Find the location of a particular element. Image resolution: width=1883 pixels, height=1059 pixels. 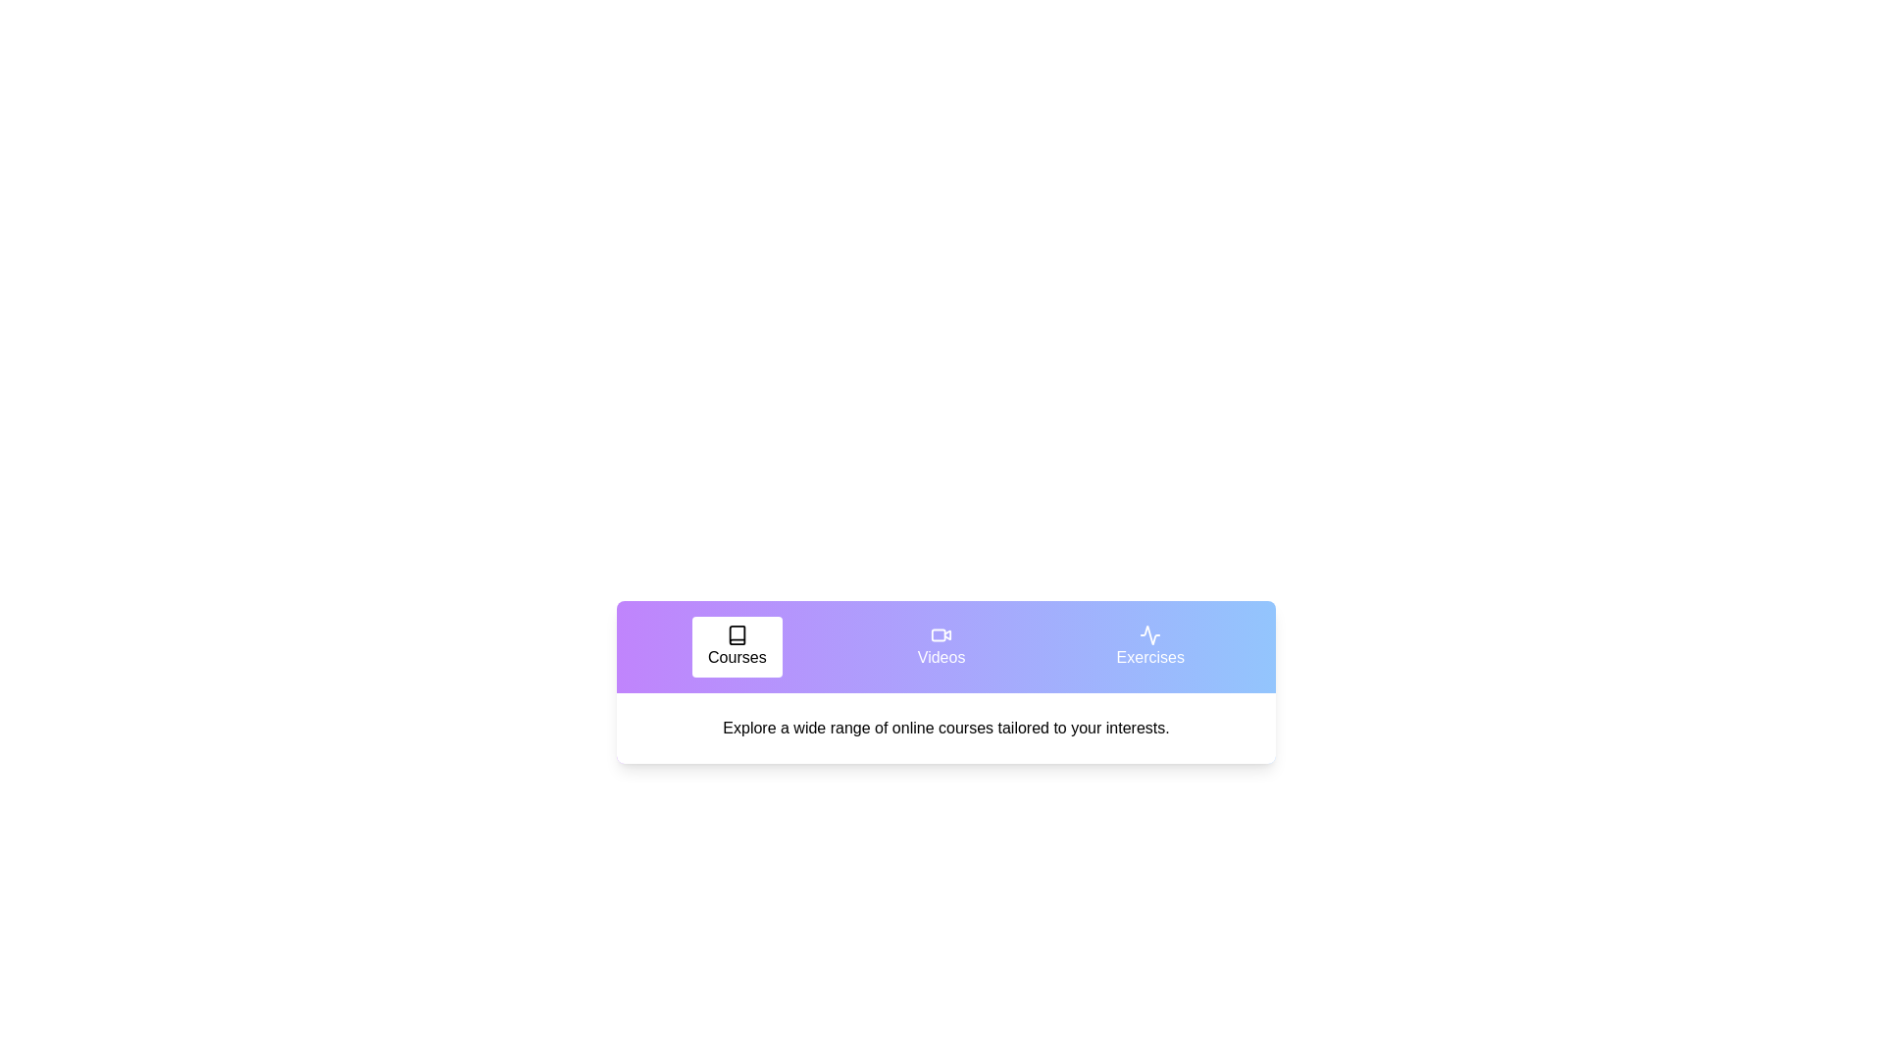

the tab labeled Exercises is located at coordinates (1150, 646).